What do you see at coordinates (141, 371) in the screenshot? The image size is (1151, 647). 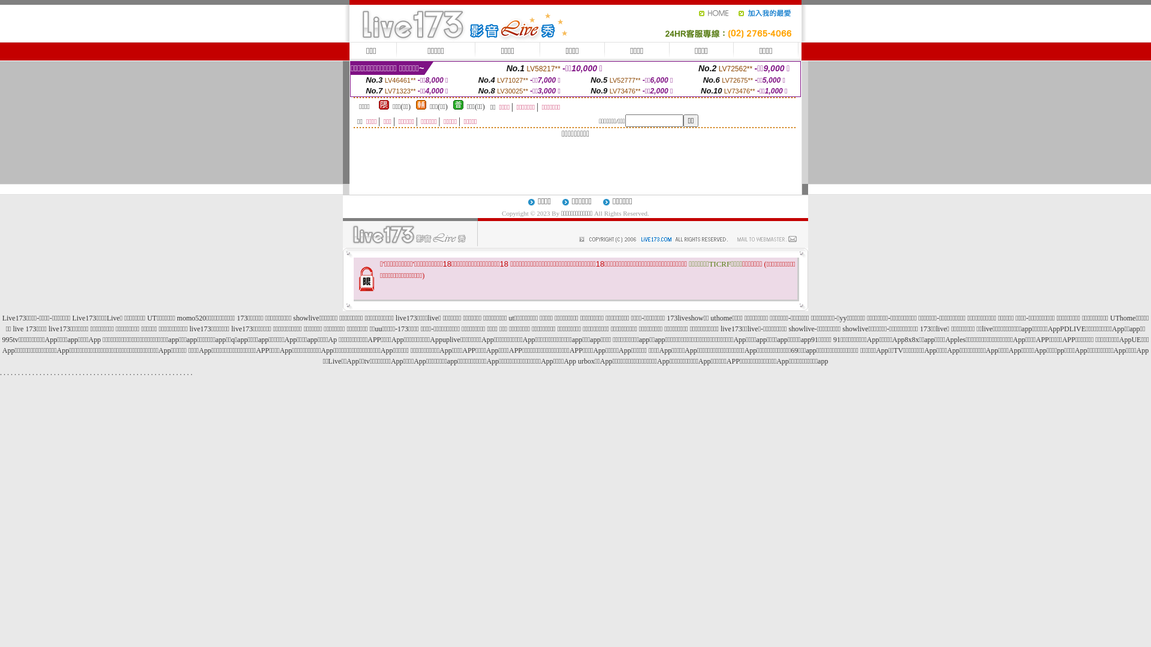 I see `'.'` at bounding box center [141, 371].